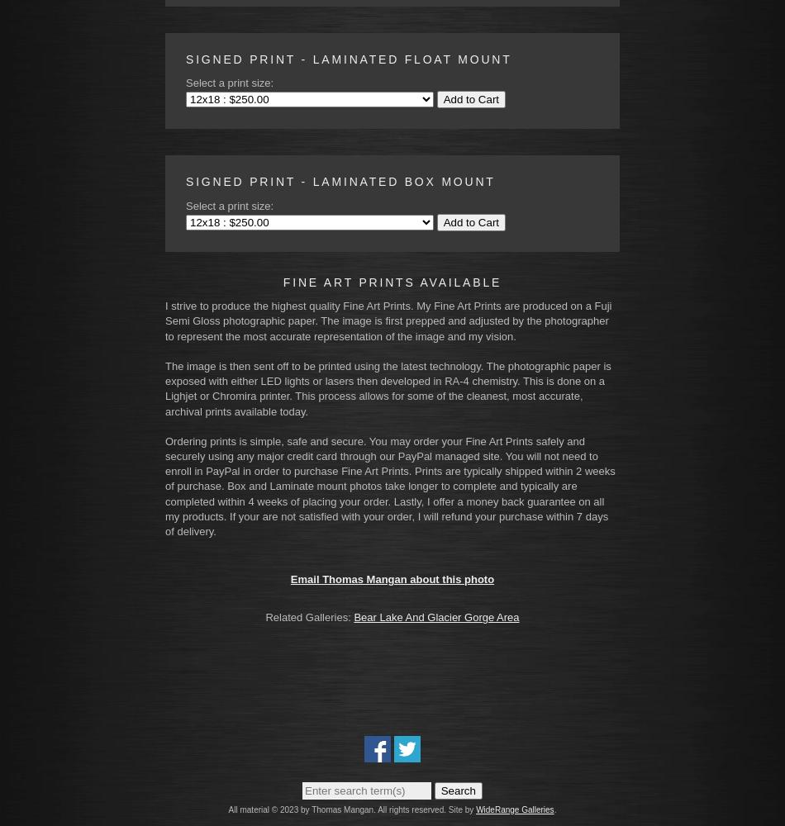 This screenshot has height=826, width=785. What do you see at coordinates (387, 387) in the screenshot?
I see `'The image is then sent off to be printed using the latest technology. The photographic paper is exposed with either LED lights or lasers then developed in RA-4 chemistry. This is done on a Lighjet or Chromira printer. This process allows for some of the cleanest, most accurate, archival prints available today.'` at bounding box center [387, 387].